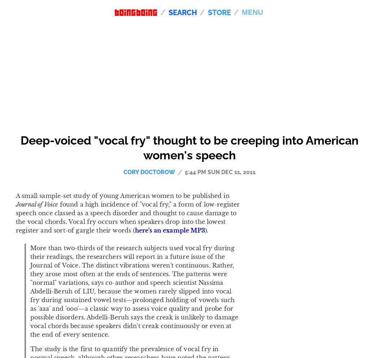  What do you see at coordinates (203, 171) in the screenshot?
I see `'5:44 pm Sun'` at bounding box center [203, 171].